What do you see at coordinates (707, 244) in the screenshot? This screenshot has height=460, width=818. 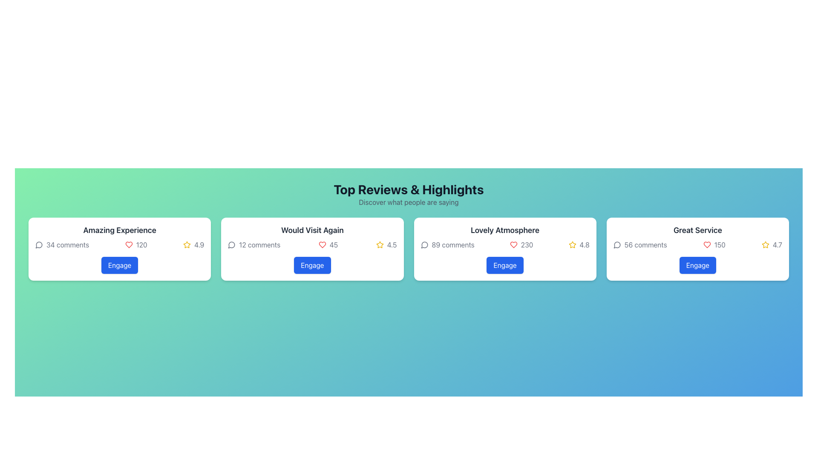 I see `the heart icon representing likes or favorites related to the 'Great Service' card, located between the comments count and star rating in the 'Top Reviews & Highlights' section` at bounding box center [707, 244].